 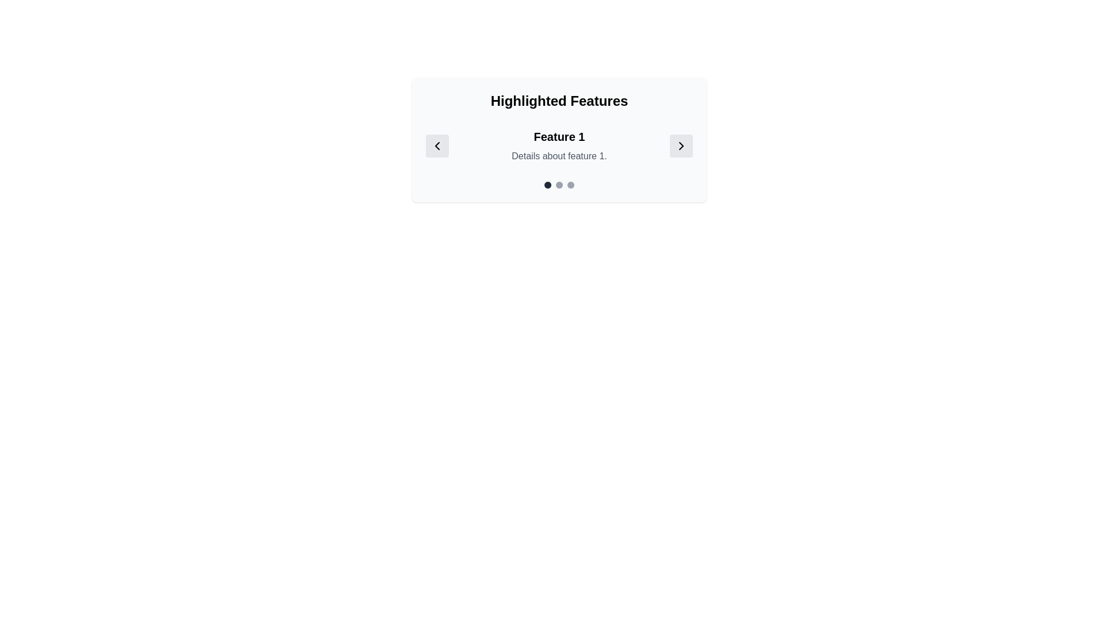 I want to click on the navigation button that moves to the previous feature in the carousel, located to the left of the text content 'Feature 1 Details about feature 1.', so click(x=436, y=145).